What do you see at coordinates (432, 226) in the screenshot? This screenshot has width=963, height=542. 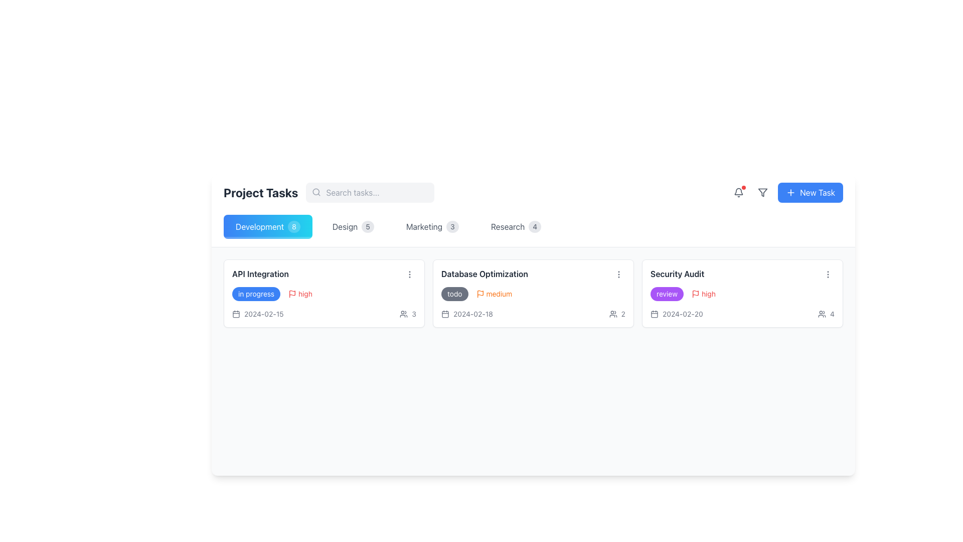 I see `the 'Marketing' Navigation Menu Item, which is the third option in the horizontal navigation menu` at bounding box center [432, 226].